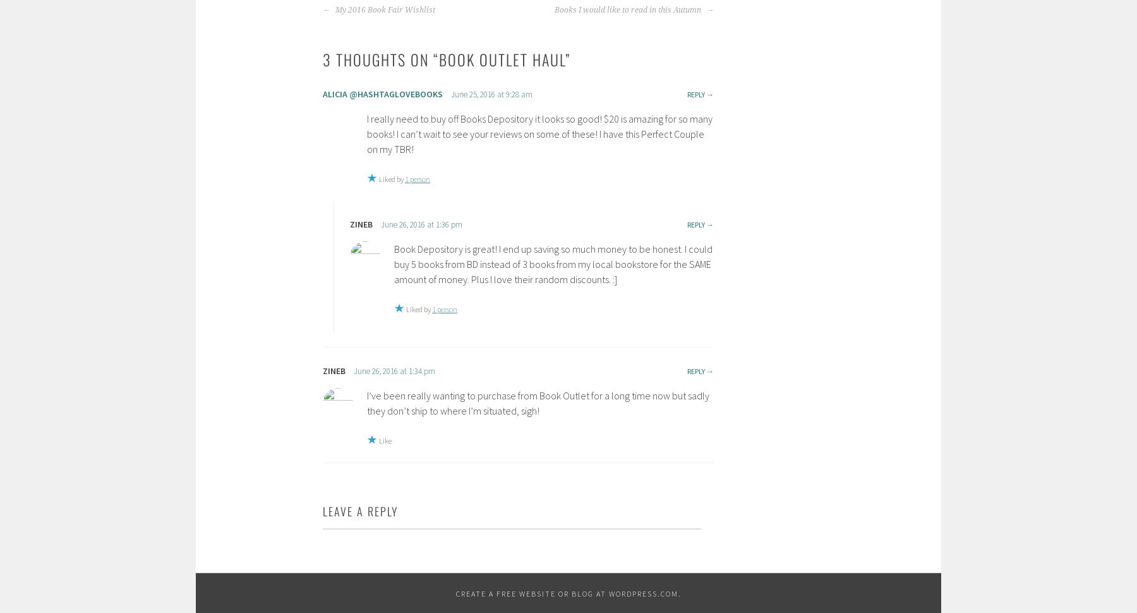 This screenshot has height=613, width=1137. What do you see at coordinates (378, 440) in the screenshot?
I see `'Like'` at bounding box center [378, 440].